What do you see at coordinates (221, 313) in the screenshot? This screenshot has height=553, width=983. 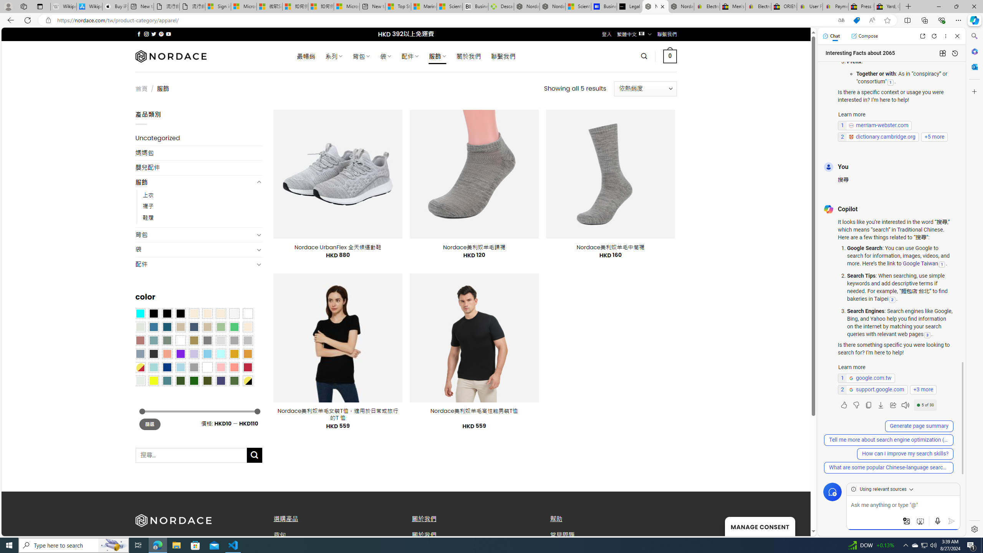 I see `'Cream'` at bounding box center [221, 313].